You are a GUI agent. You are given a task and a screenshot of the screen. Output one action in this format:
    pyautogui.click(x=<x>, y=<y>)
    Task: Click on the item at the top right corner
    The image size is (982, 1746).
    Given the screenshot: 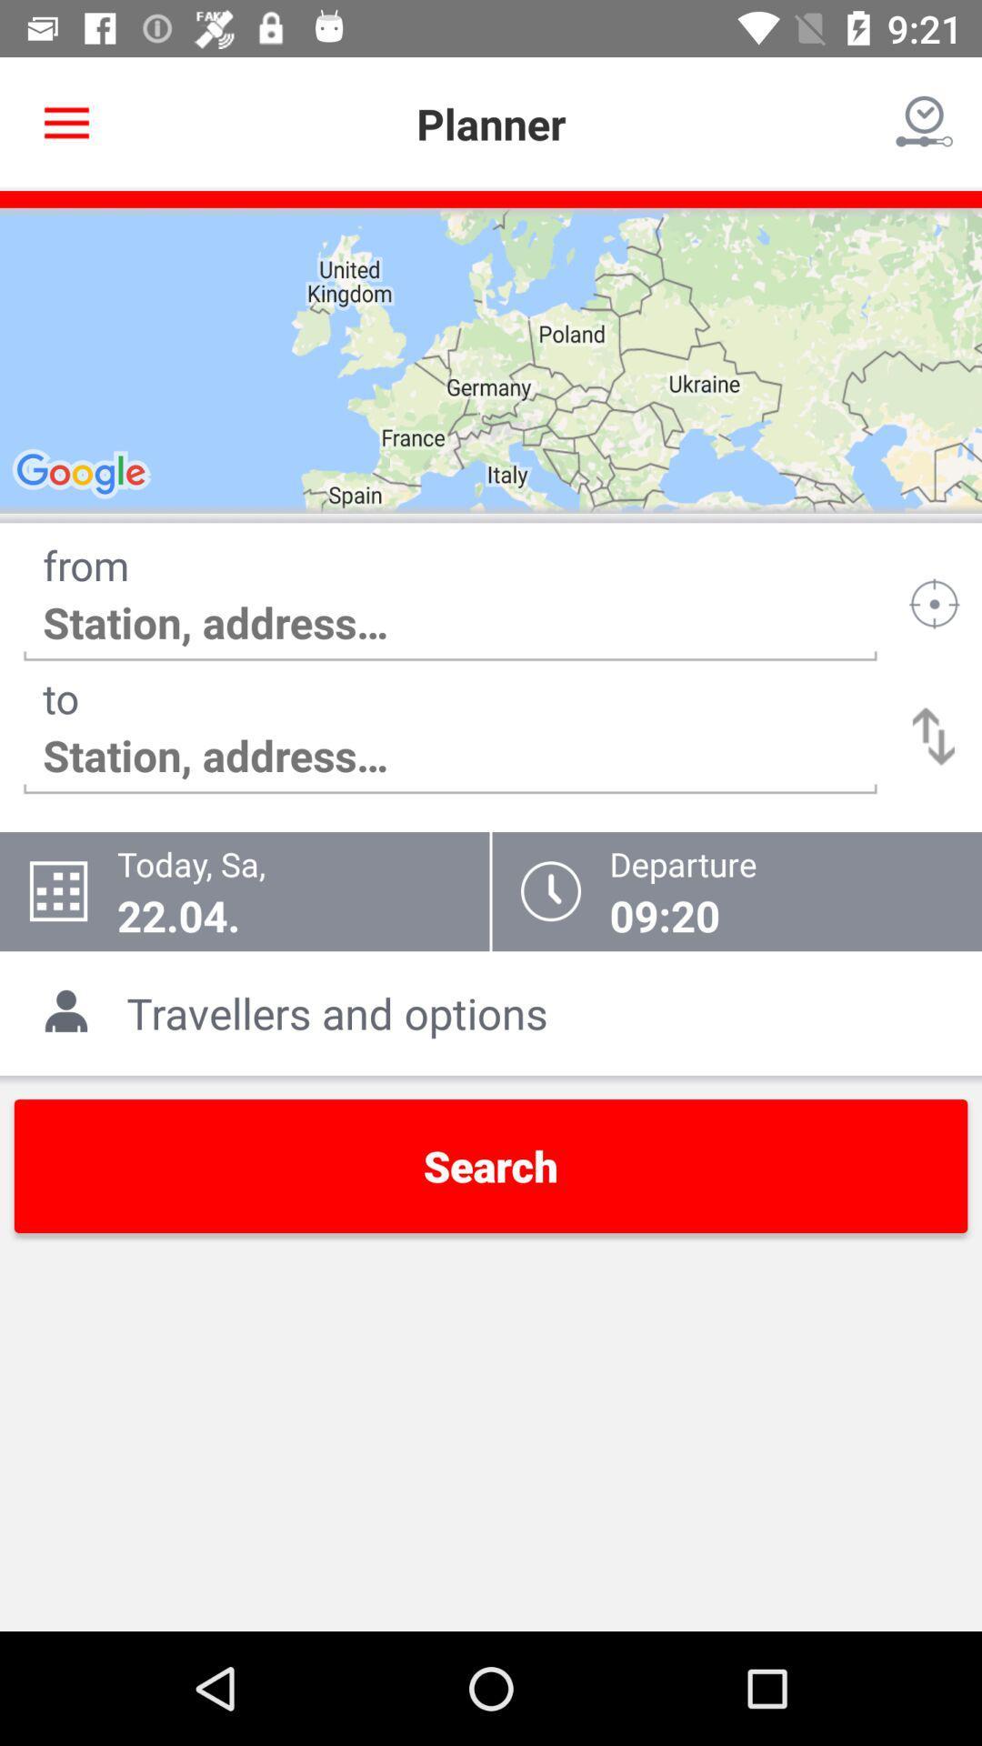 What is the action you would take?
    pyautogui.click(x=925, y=123)
    